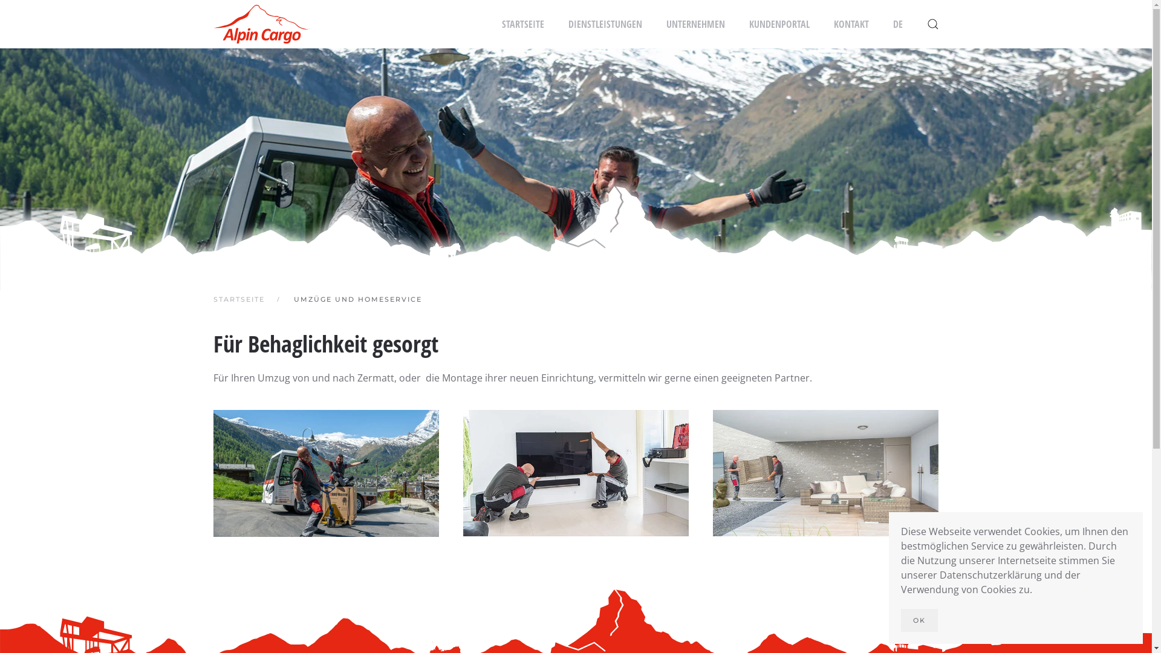  Describe the element at coordinates (695, 24) in the screenshot. I see `'UNTERNEHMEN'` at that location.